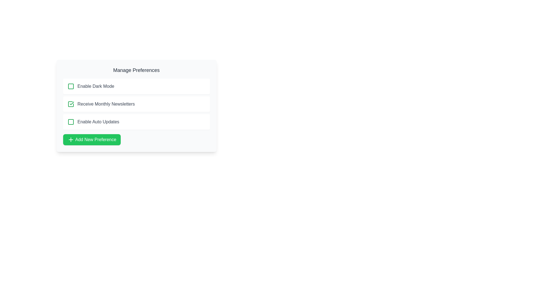 The image size is (534, 300). Describe the element at coordinates (136, 86) in the screenshot. I see `the first list item with a checkbox for 'Enable Dark Mode' to toggle its preference` at that location.